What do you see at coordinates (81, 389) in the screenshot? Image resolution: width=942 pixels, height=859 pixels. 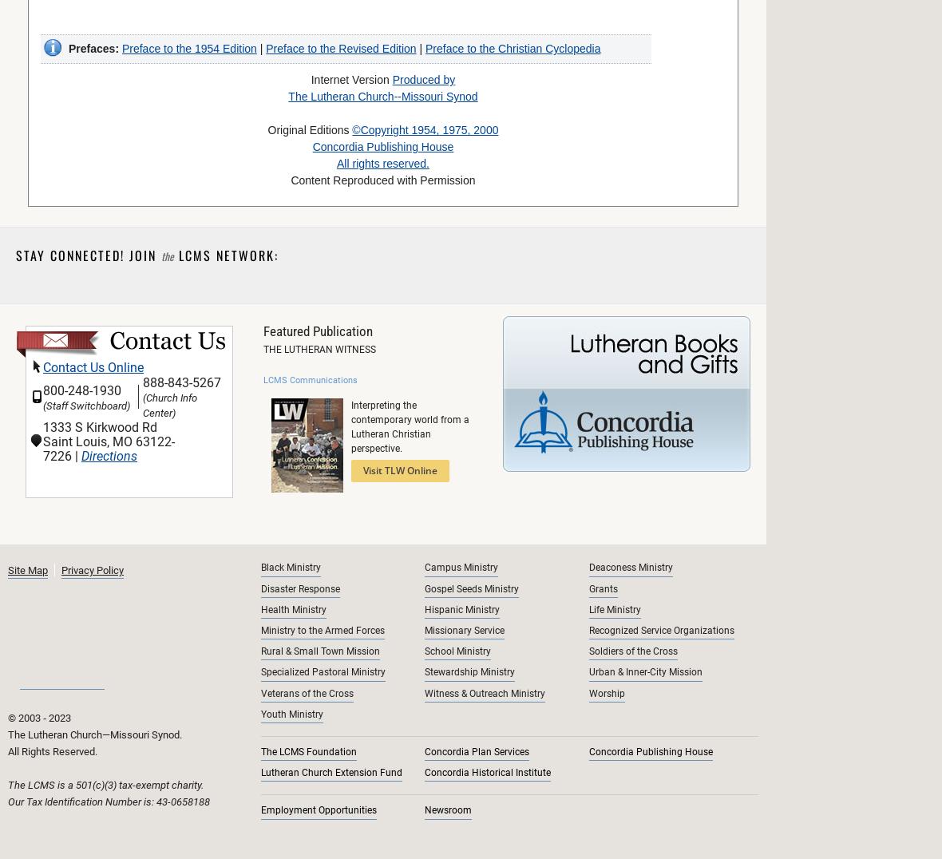 I see `'800-248-1930'` at bounding box center [81, 389].